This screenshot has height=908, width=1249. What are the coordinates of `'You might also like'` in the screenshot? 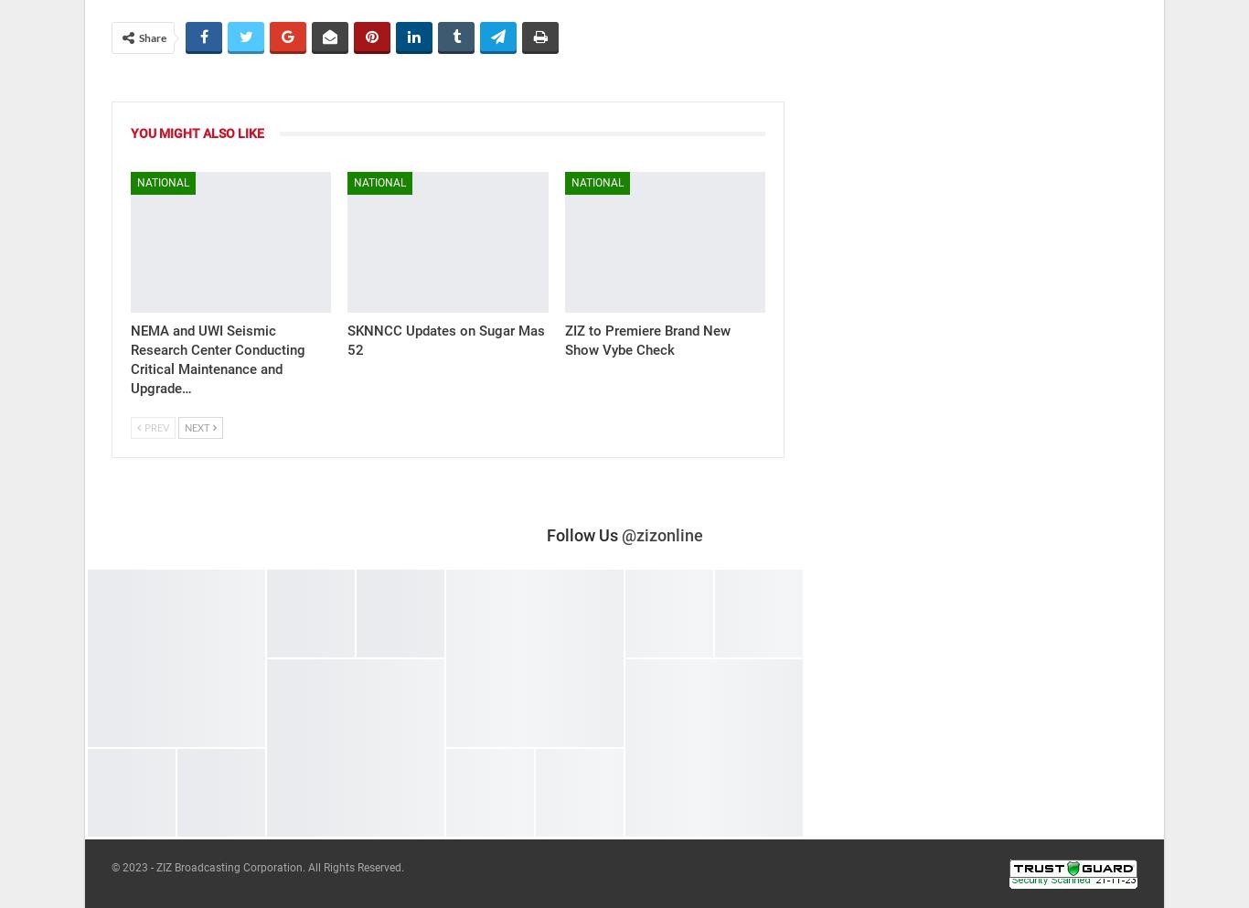 It's located at (196, 133).